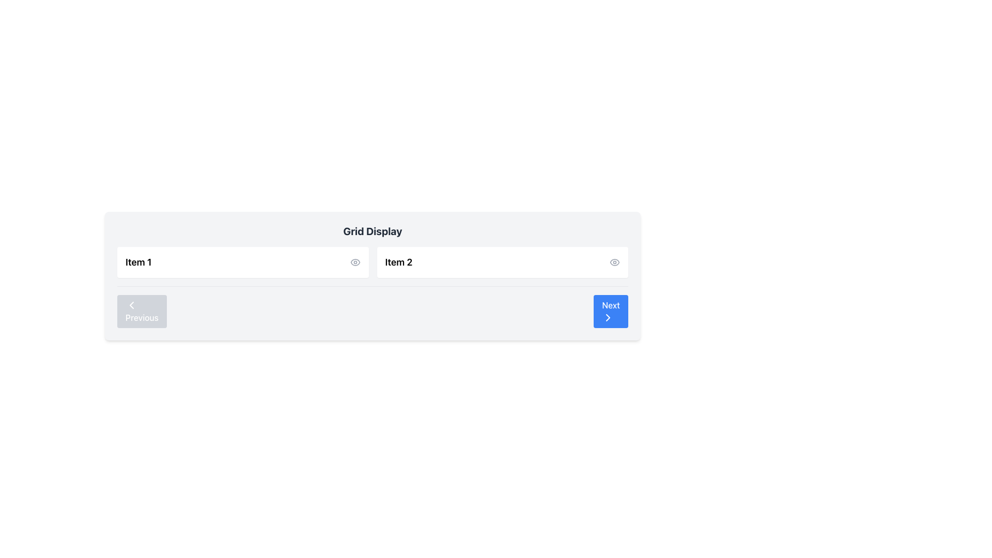  Describe the element at coordinates (355, 262) in the screenshot. I see `the decorative part of the eye icon, which serves as an indicator for visibility and is located to the right of the text label 'Item 2' in the second column of the row` at that location.